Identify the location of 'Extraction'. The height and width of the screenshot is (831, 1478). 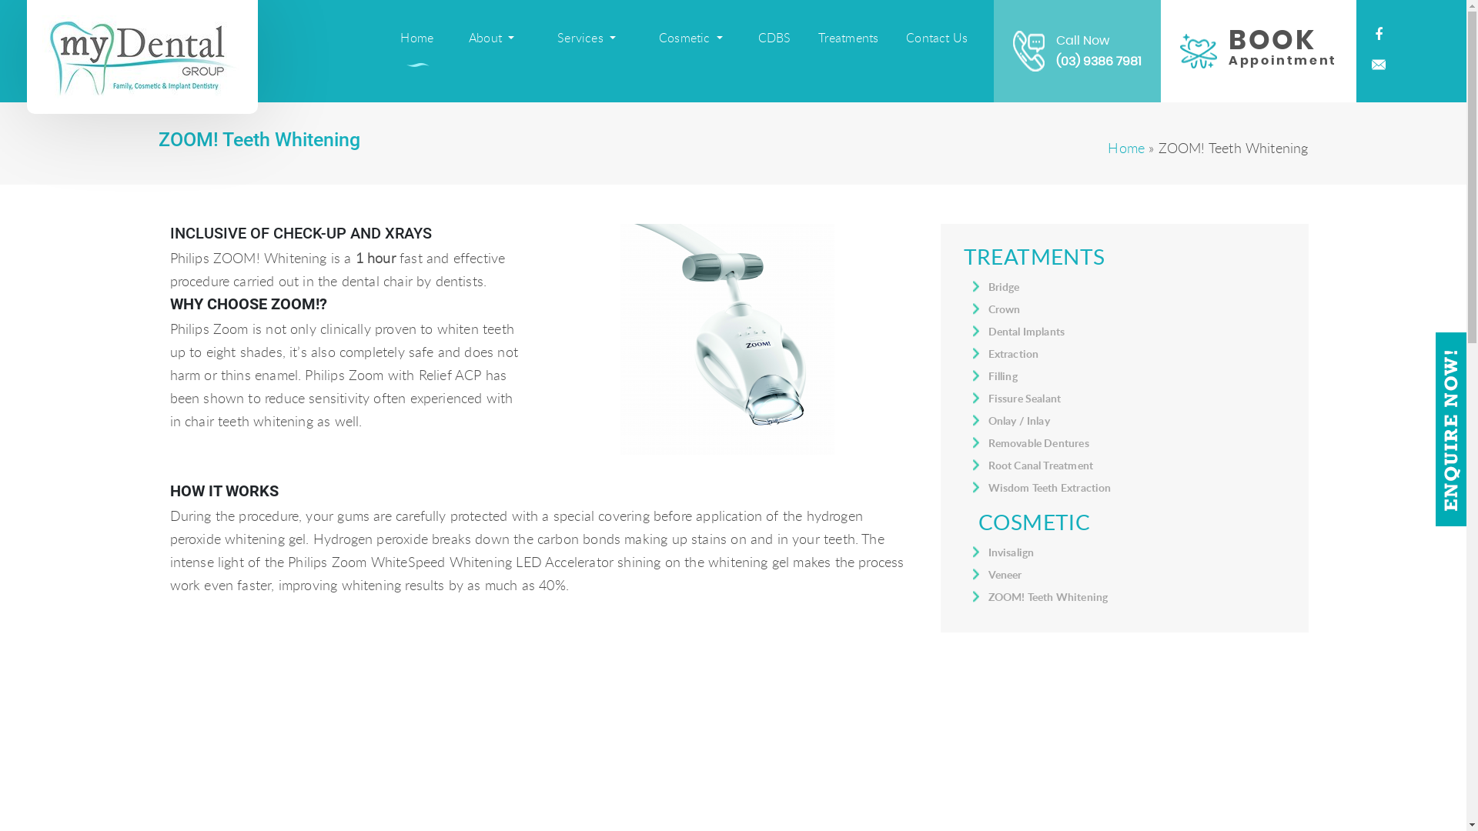
(1013, 353).